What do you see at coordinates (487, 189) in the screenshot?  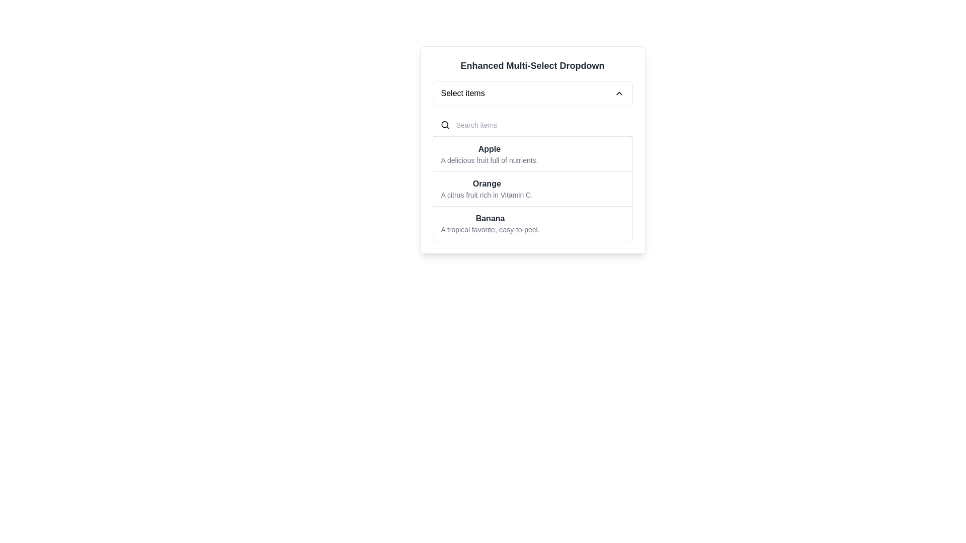 I see `the second list item displaying details for the 'Orange' option in the dropdown menu` at bounding box center [487, 189].